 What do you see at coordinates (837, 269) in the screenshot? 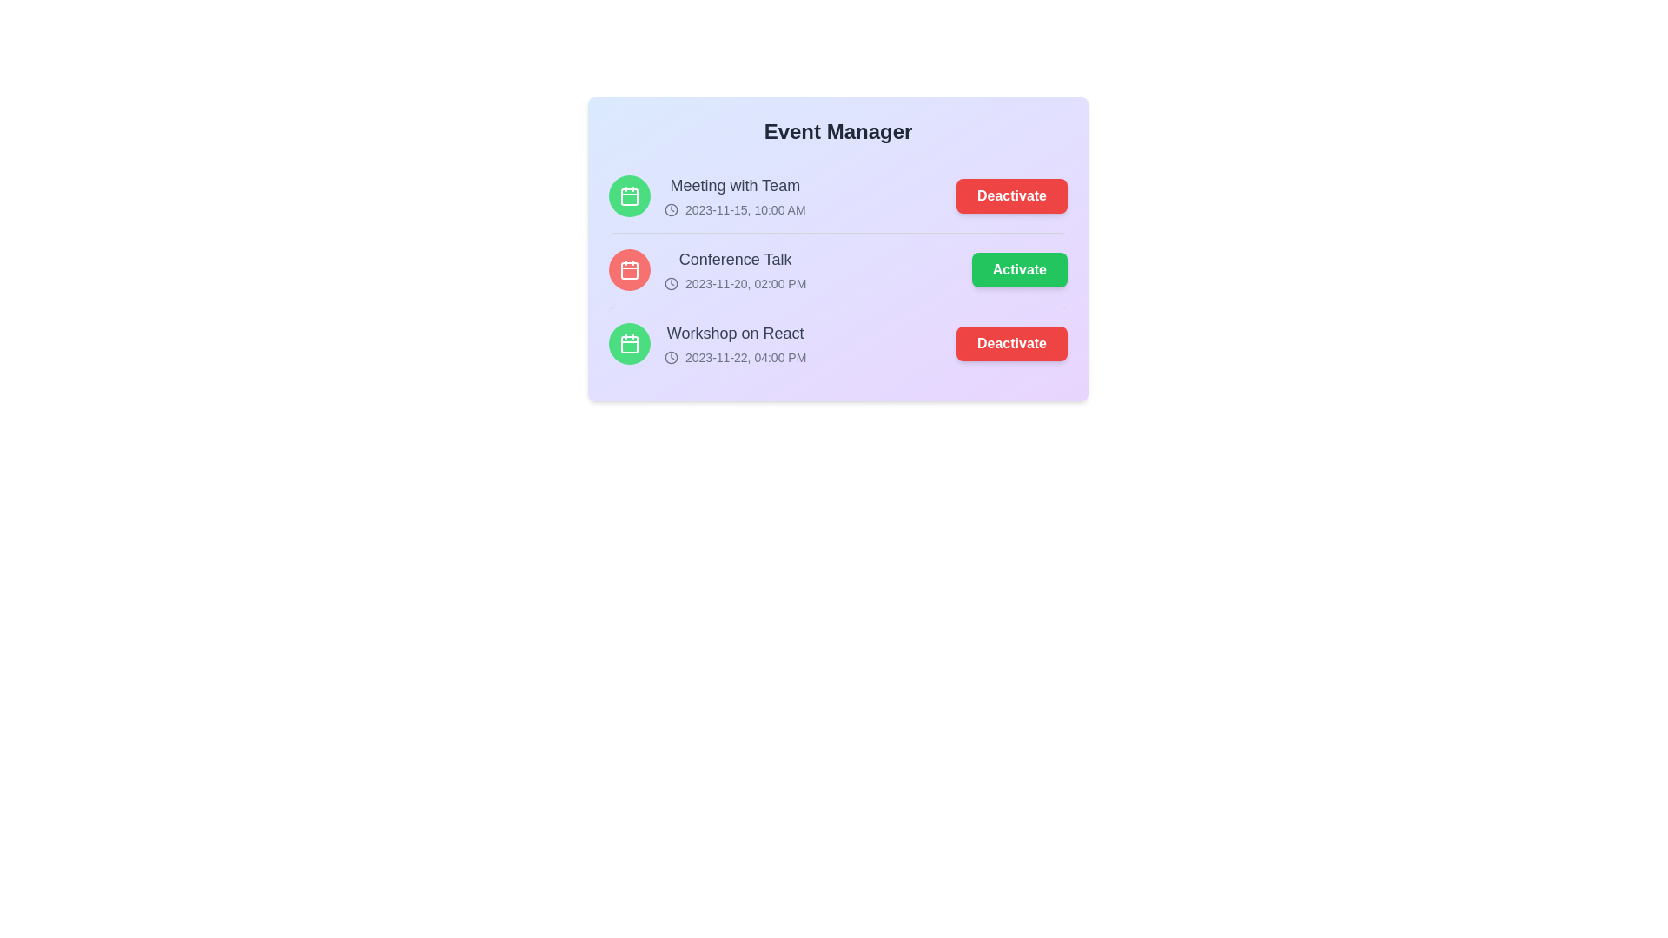
I see `the list item corresponding to Conference Talk` at bounding box center [837, 269].